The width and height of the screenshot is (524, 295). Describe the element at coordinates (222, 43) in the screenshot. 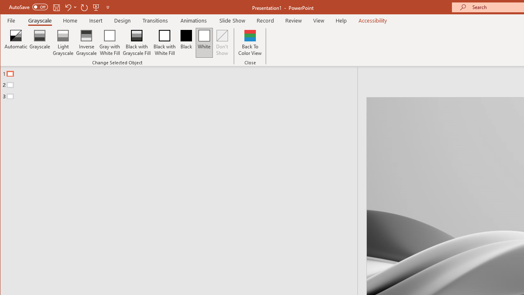

I see `'Don'` at that location.